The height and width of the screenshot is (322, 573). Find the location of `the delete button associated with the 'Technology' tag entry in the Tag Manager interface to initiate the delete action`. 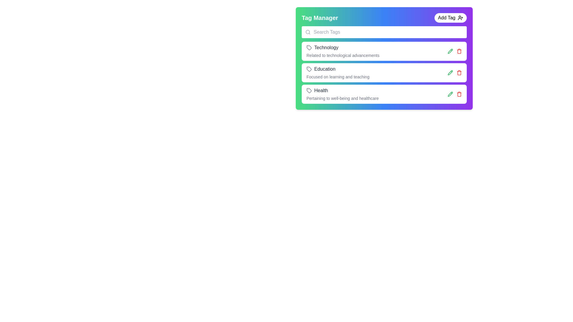

the delete button associated with the 'Technology' tag entry in the Tag Manager interface to initiate the delete action is located at coordinates (459, 51).